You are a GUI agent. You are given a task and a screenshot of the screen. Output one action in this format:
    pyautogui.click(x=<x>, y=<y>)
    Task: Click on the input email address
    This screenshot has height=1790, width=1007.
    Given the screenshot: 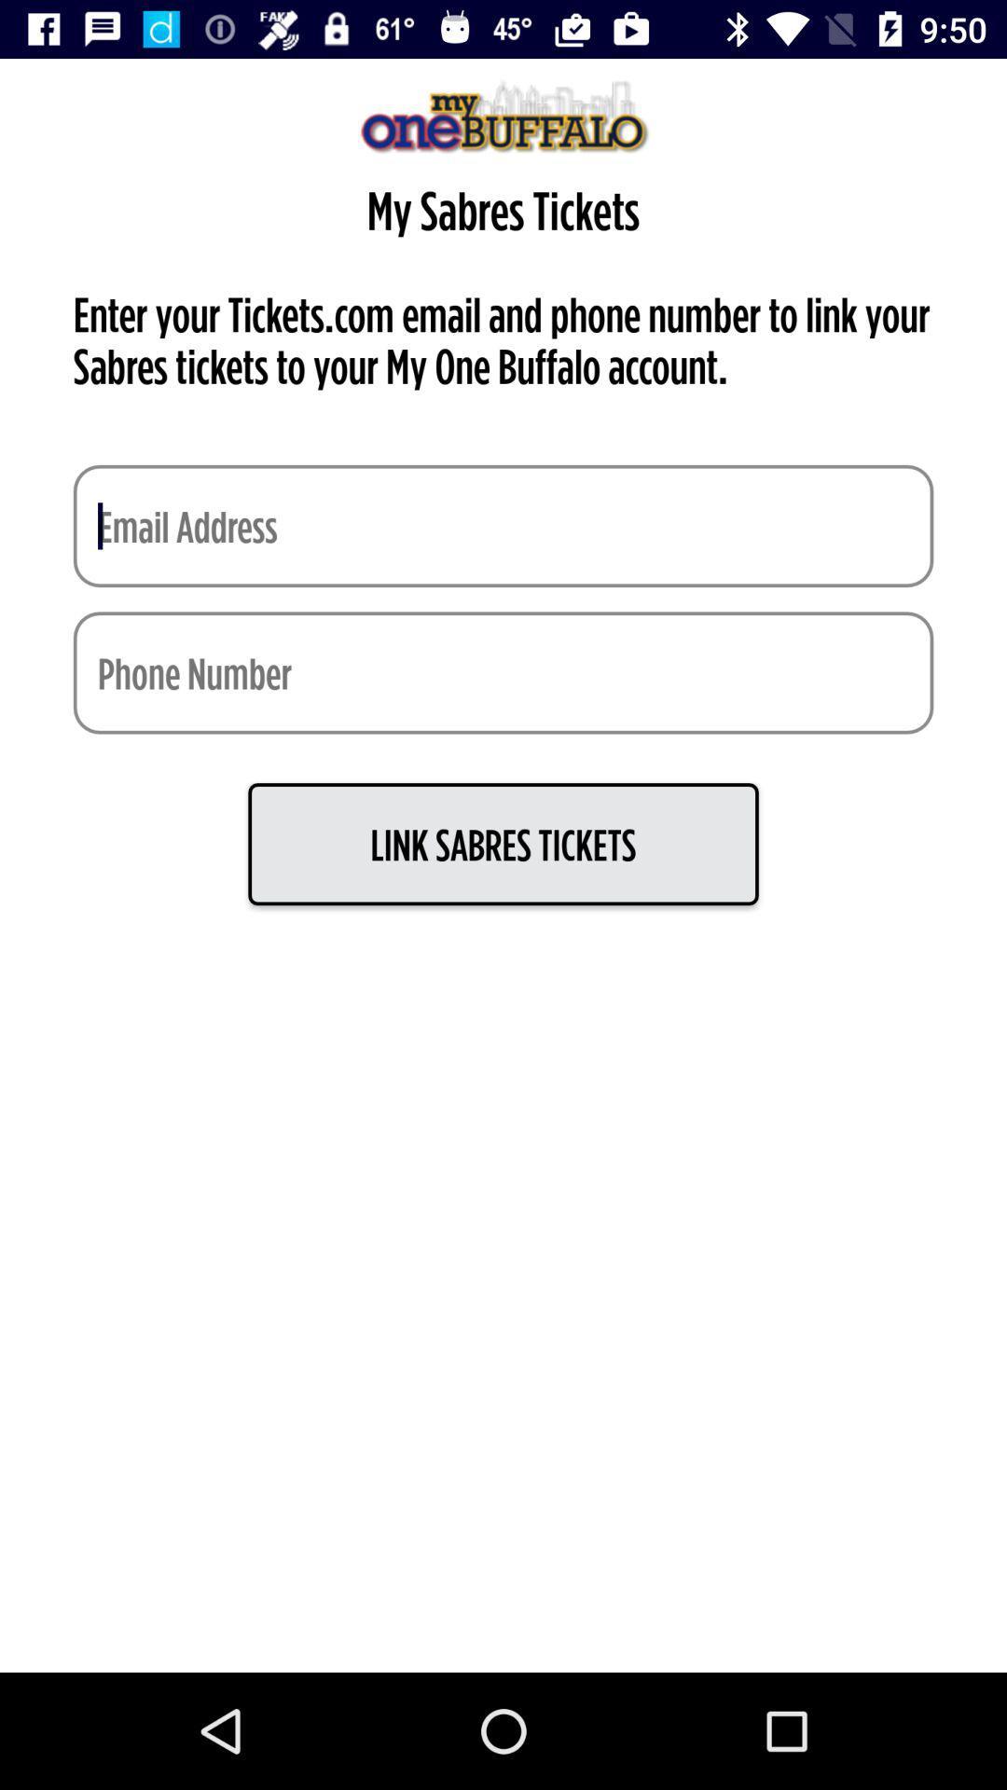 What is the action you would take?
    pyautogui.click(x=504, y=525)
    